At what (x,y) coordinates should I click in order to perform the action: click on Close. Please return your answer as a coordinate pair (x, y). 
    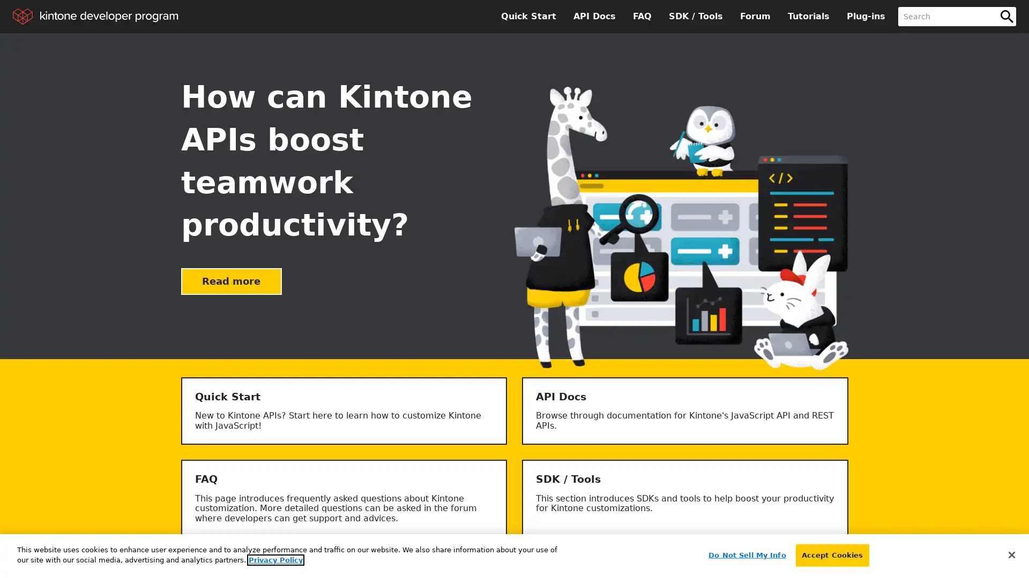
    Looking at the image, I should click on (1011, 554).